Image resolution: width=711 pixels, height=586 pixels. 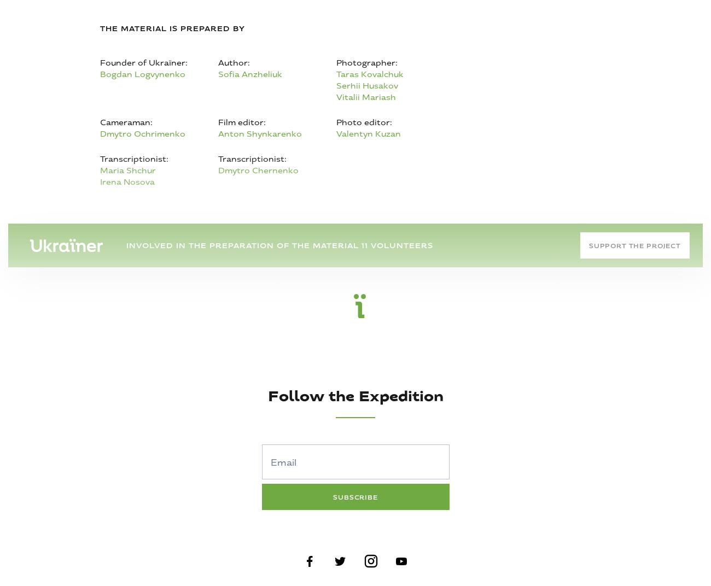 I want to click on 'Sofia Anzheliuk', so click(x=249, y=74).